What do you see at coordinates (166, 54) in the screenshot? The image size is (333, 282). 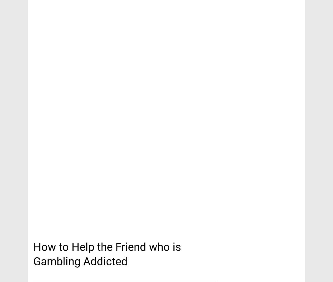 I see `'"Thank you sir you did a good job for students through Svtuition. I have learn many things"'` at bounding box center [166, 54].